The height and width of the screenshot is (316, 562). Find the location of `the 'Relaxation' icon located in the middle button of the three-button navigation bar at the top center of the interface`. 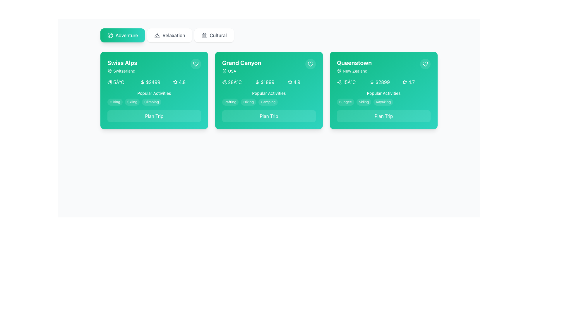

the 'Relaxation' icon located in the middle button of the three-button navigation bar at the top center of the interface is located at coordinates (157, 35).